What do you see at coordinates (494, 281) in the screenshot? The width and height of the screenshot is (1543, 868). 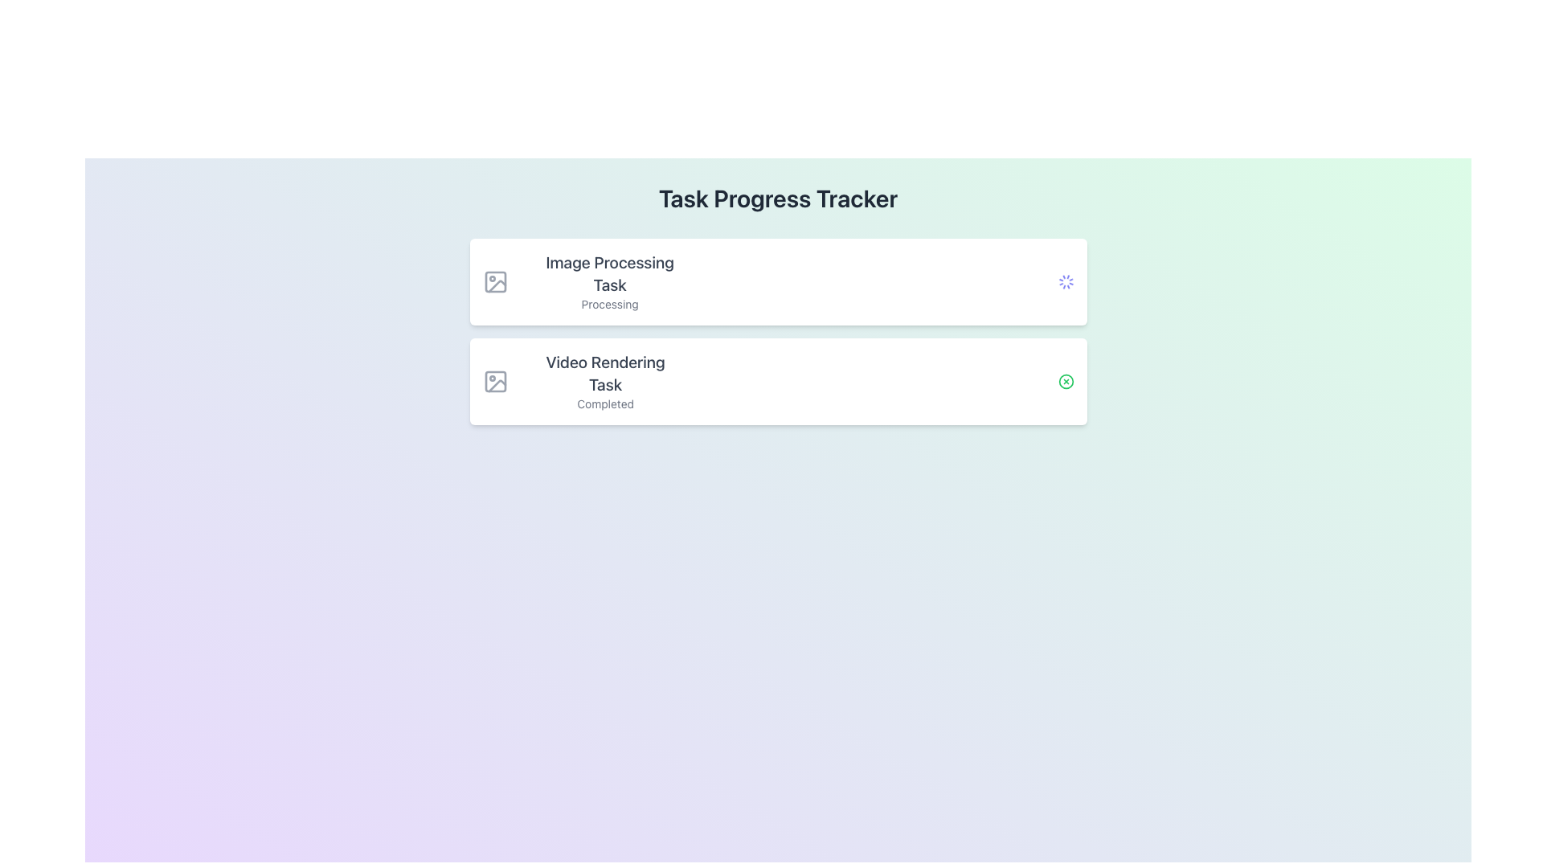 I see `the graphical icon resembling a picture frame with a mountain and sun inside it, located within the first task card labeled 'Image Processing'` at bounding box center [494, 281].